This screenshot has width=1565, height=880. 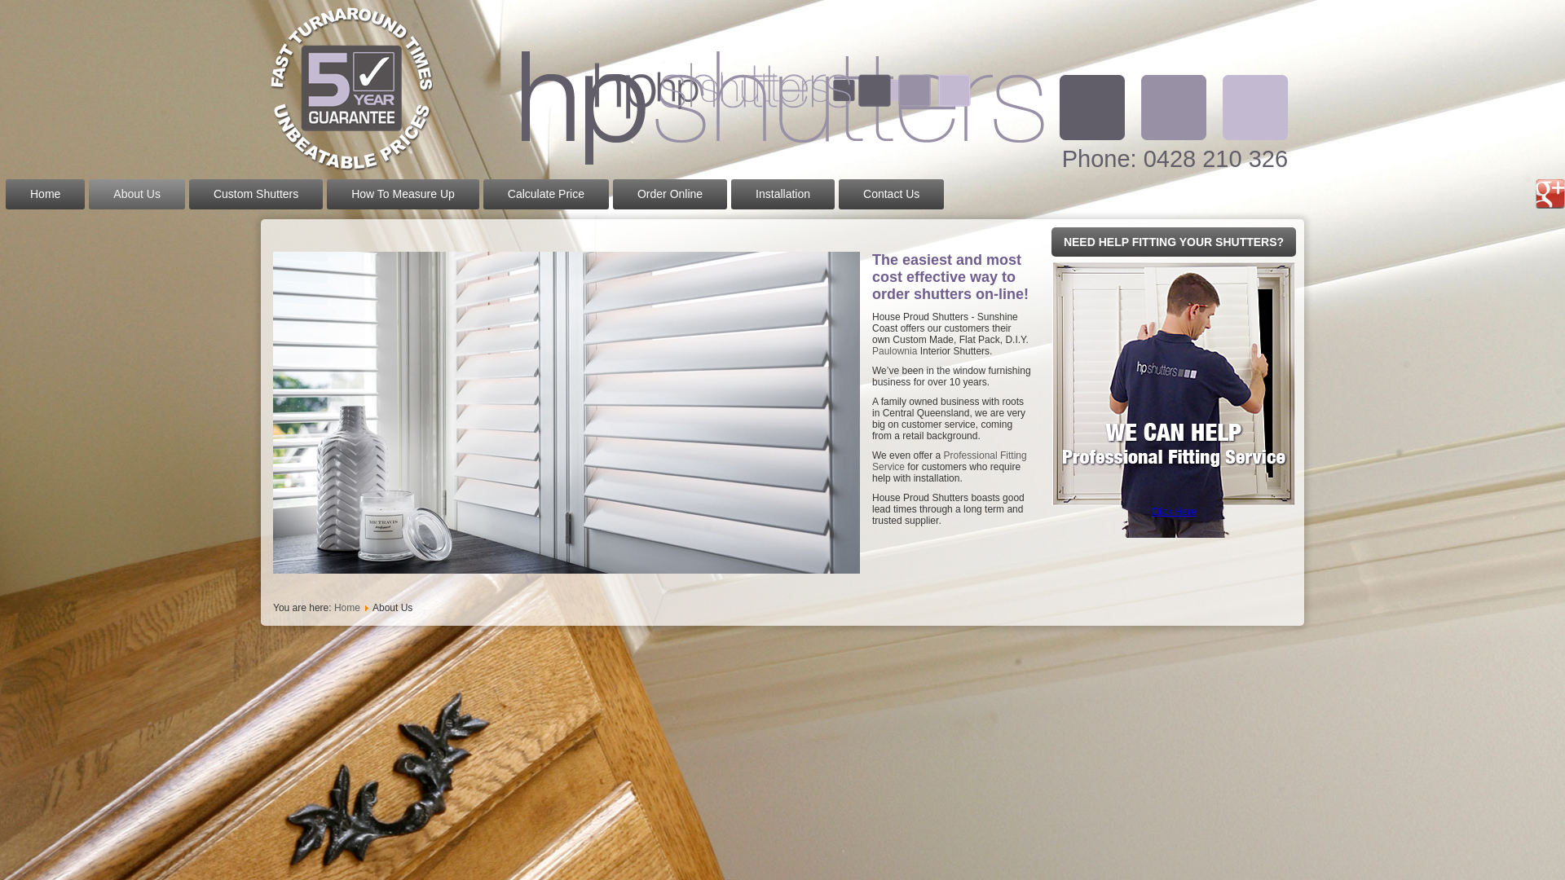 What do you see at coordinates (782, 90) in the screenshot?
I see `'House Proud Shutters'` at bounding box center [782, 90].